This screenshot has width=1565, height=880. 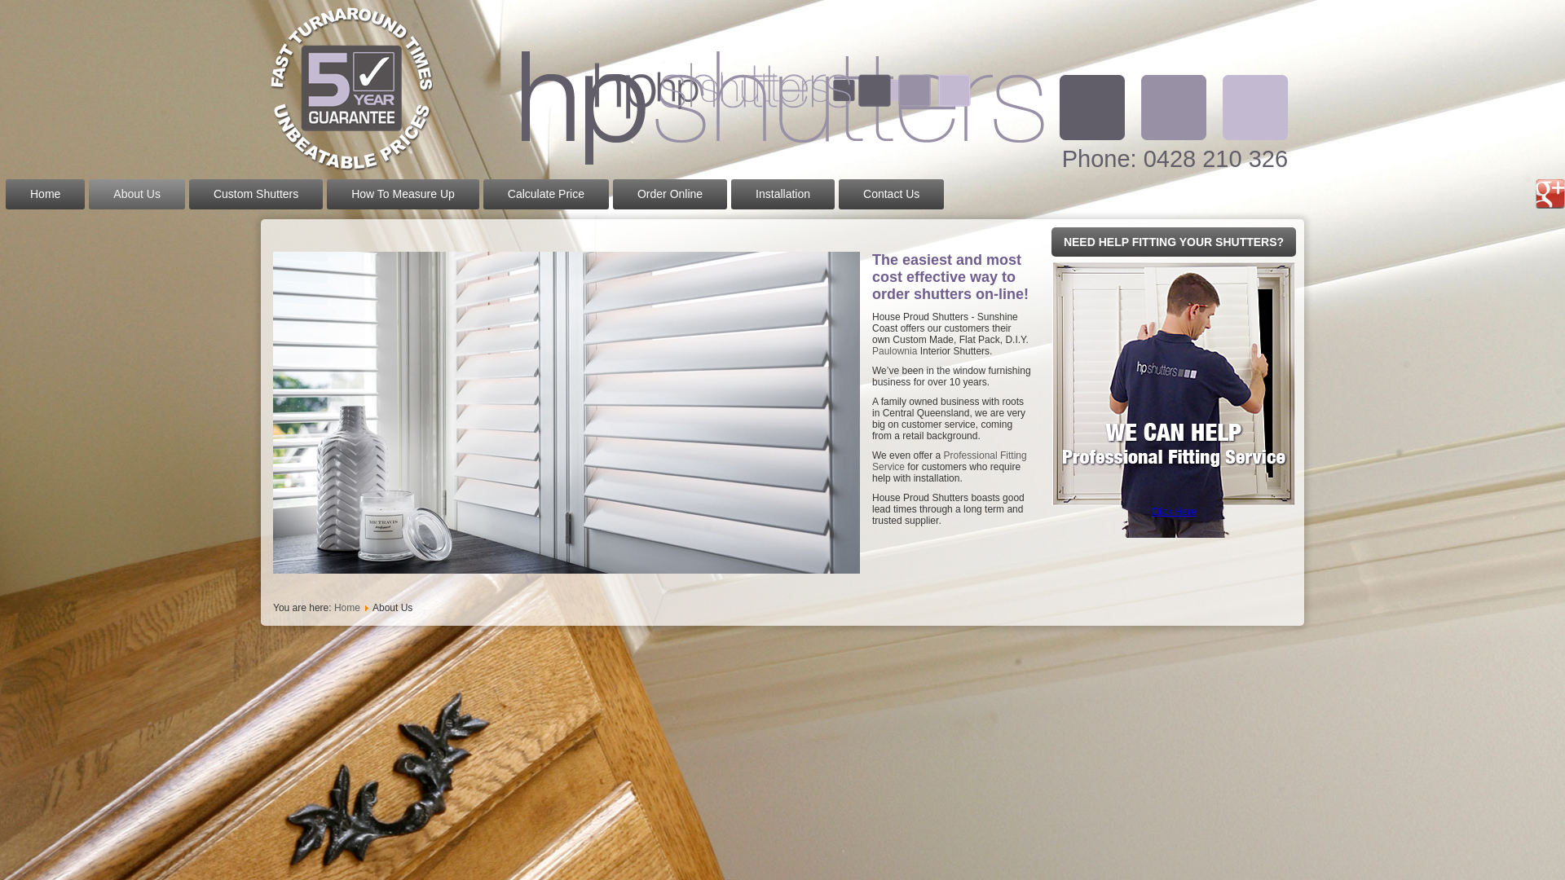 What do you see at coordinates (782, 90) in the screenshot?
I see `'House Proud Shutters'` at bounding box center [782, 90].